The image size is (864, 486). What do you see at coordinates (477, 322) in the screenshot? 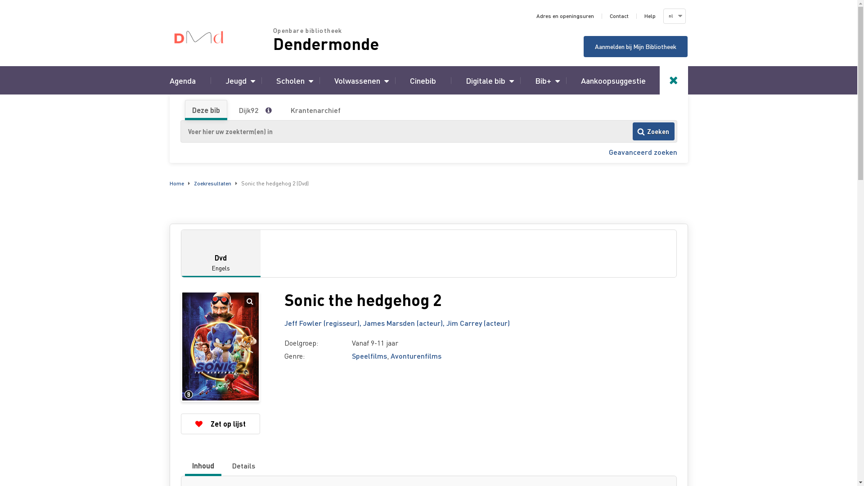
I see `'Jim Carrey (acteur)'` at bounding box center [477, 322].